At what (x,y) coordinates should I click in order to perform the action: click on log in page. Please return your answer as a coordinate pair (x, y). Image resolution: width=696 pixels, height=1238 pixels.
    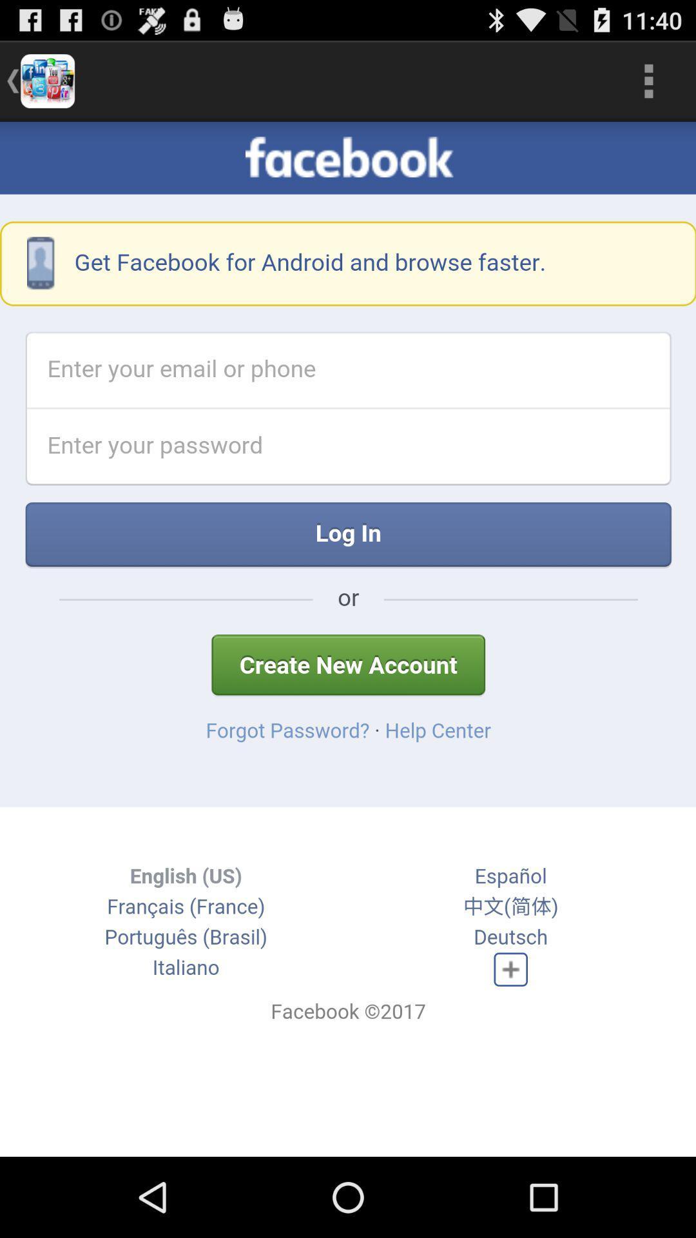
    Looking at the image, I should click on (348, 639).